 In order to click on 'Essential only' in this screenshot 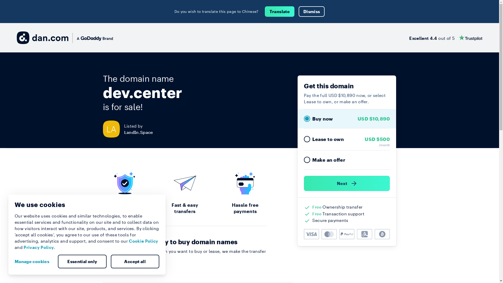, I will do `click(82, 262)`.